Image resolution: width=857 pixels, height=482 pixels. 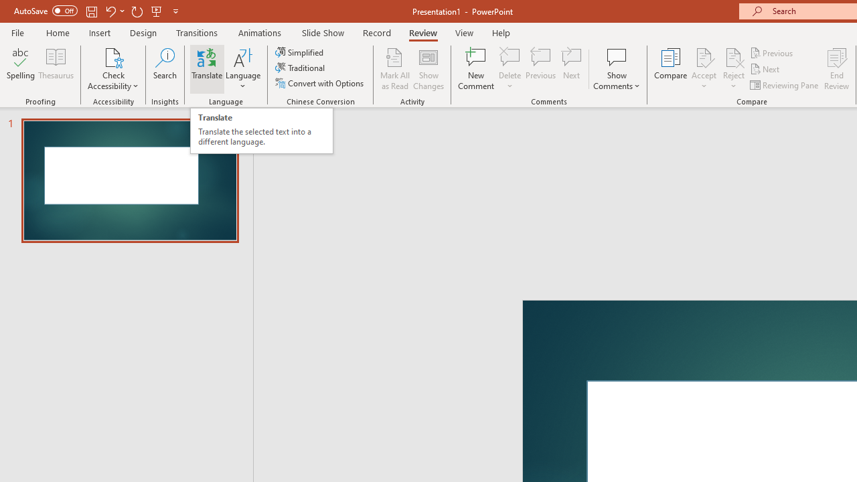 What do you see at coordinates (671, 69) in the screenshot?
I see `'Compare'` at bounding box center [671, 69].